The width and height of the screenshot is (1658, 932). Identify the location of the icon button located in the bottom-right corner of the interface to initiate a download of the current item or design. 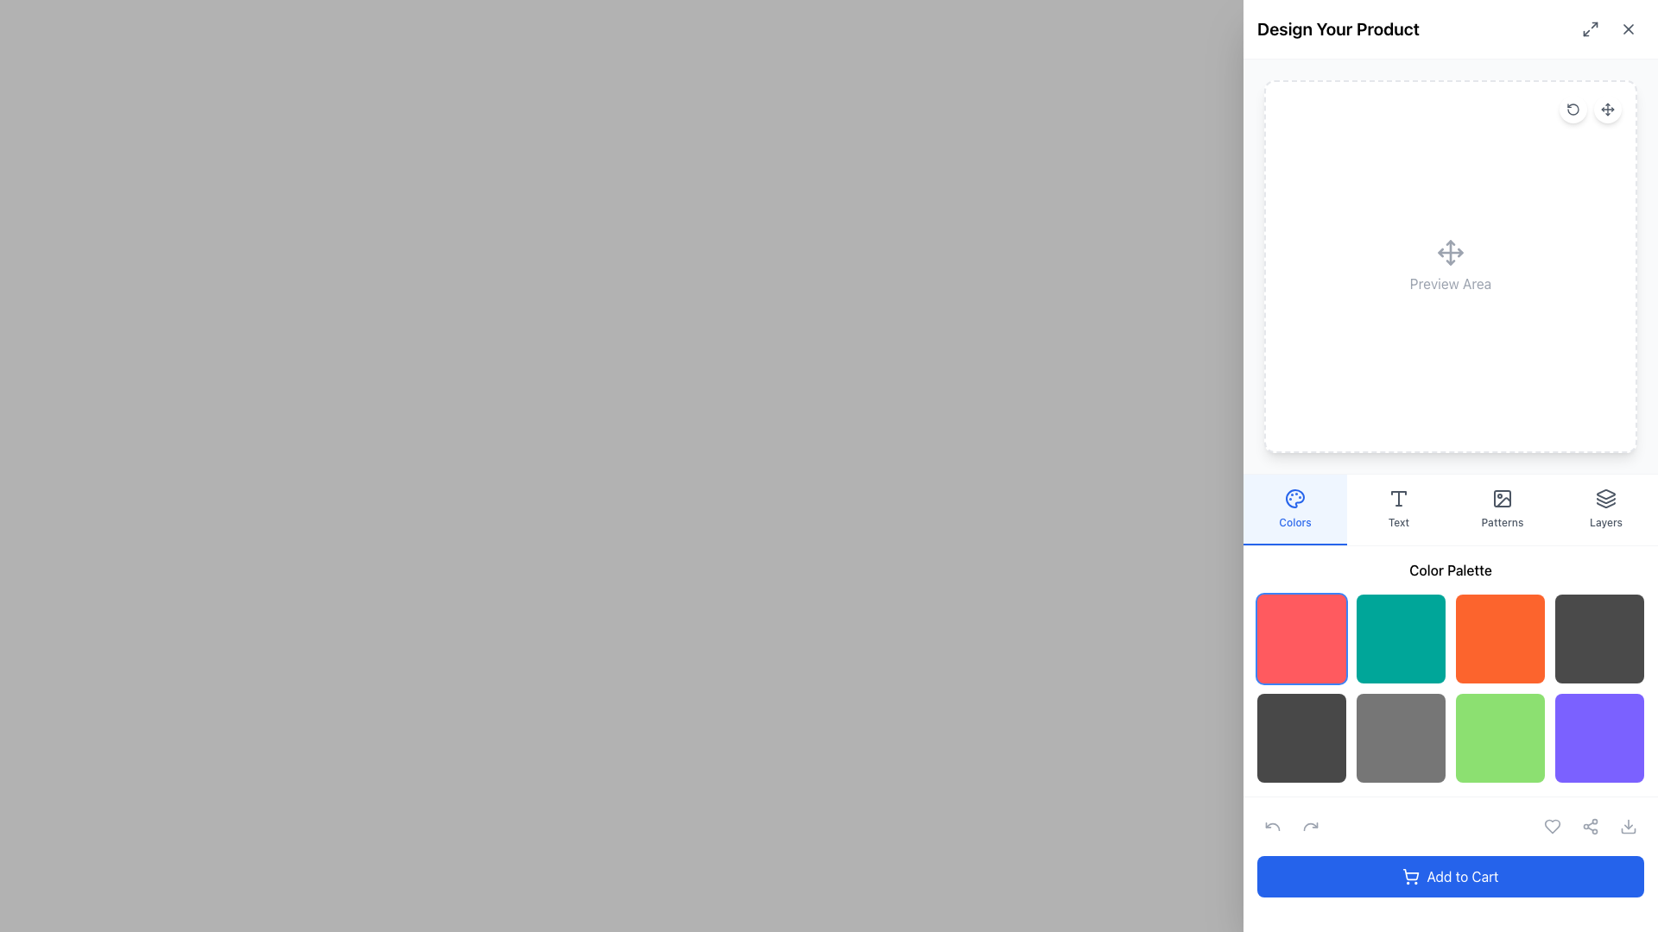
(1628, 825).